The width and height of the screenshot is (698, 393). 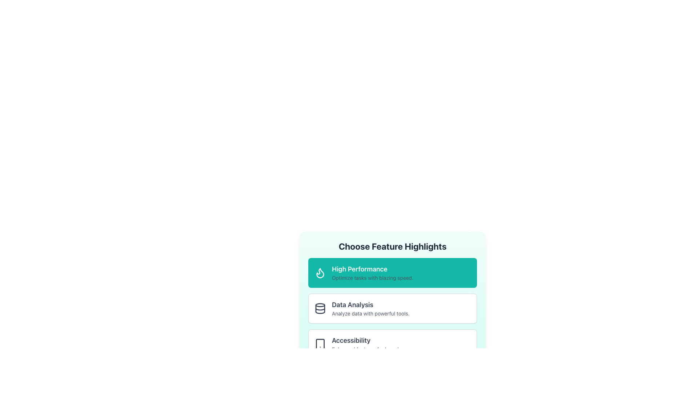 What do you see at coordinates (370, 309) in the screenshot?
I see `the 'Data Analysis' text display which features a bold title and a lighter description, located between 'High Performance' and 'Accessibility' cards` at bounding box center [370, 309].